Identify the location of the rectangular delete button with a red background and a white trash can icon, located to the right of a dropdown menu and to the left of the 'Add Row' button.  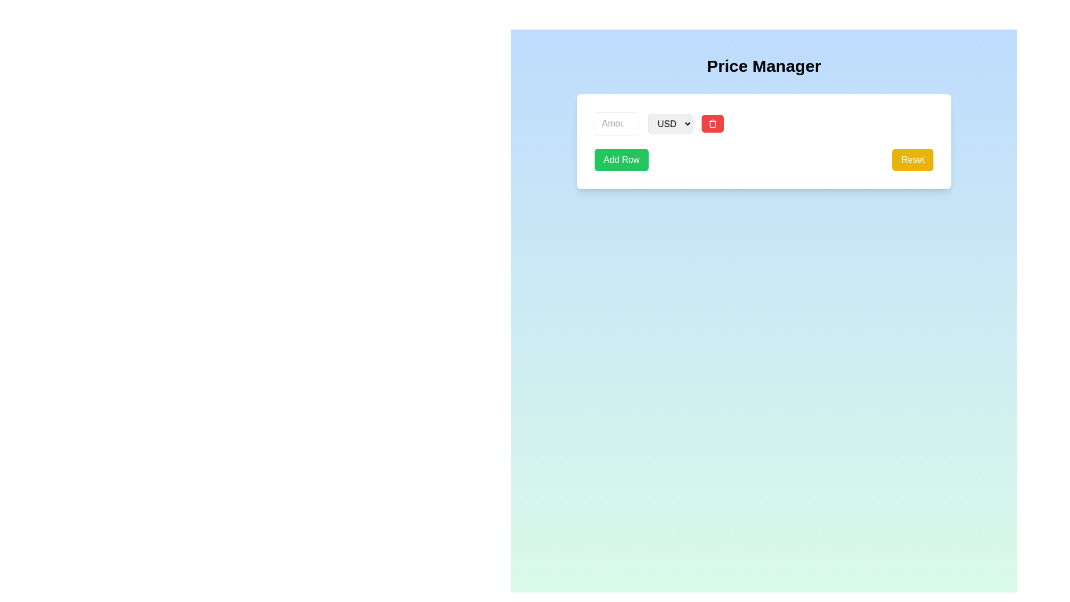
(712, 124).